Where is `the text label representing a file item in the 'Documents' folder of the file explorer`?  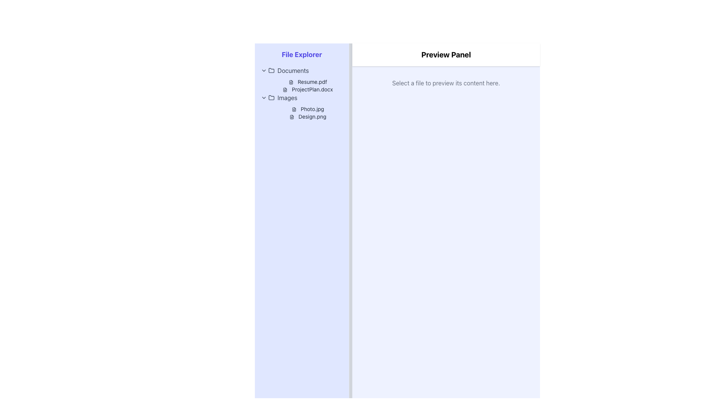 the text label representing a file item in the 'Documents' folder of the file explorer is located at coordinates (308, 89).